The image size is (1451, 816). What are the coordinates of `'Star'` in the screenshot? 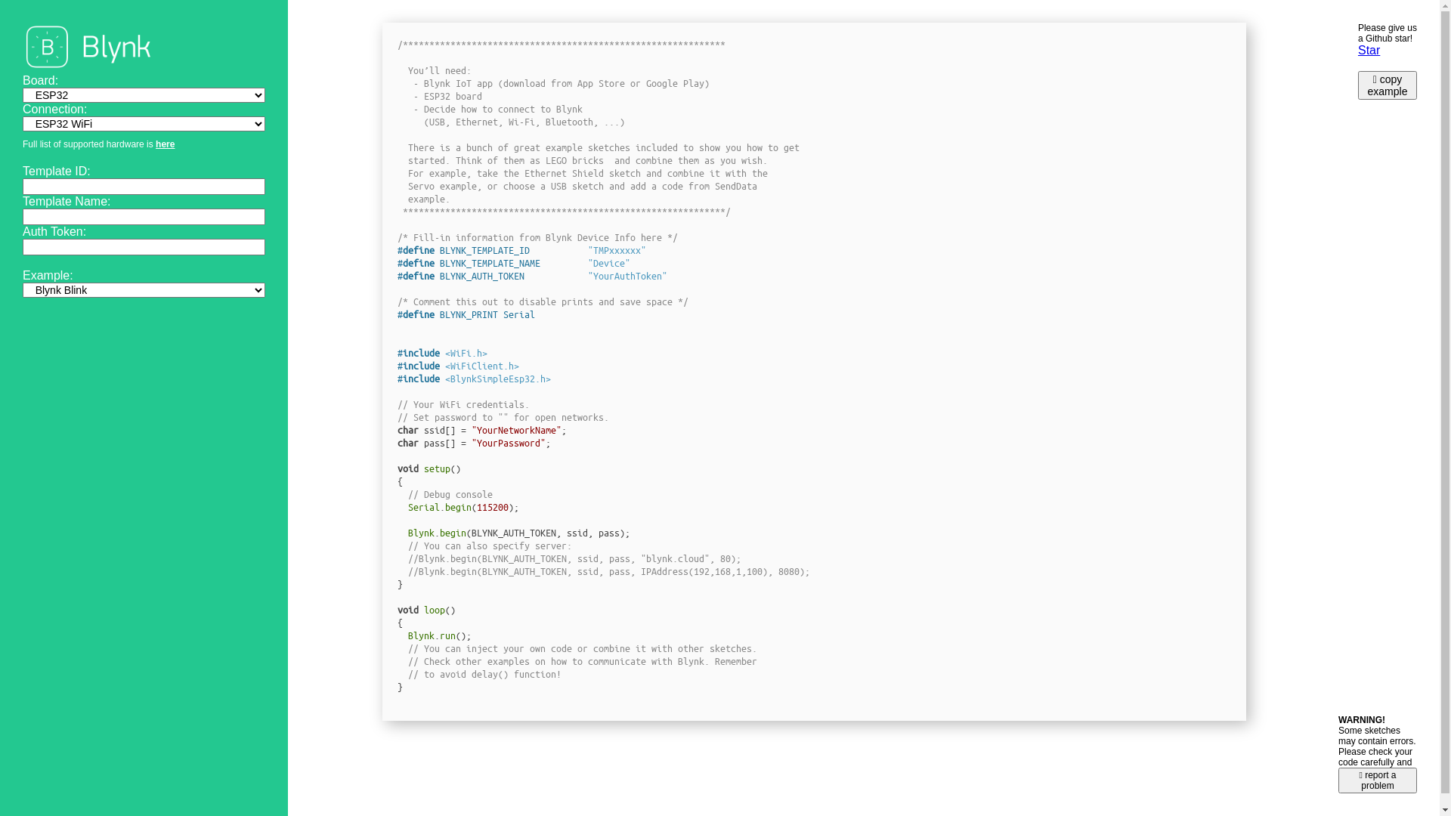 It's located at (1369, 49).